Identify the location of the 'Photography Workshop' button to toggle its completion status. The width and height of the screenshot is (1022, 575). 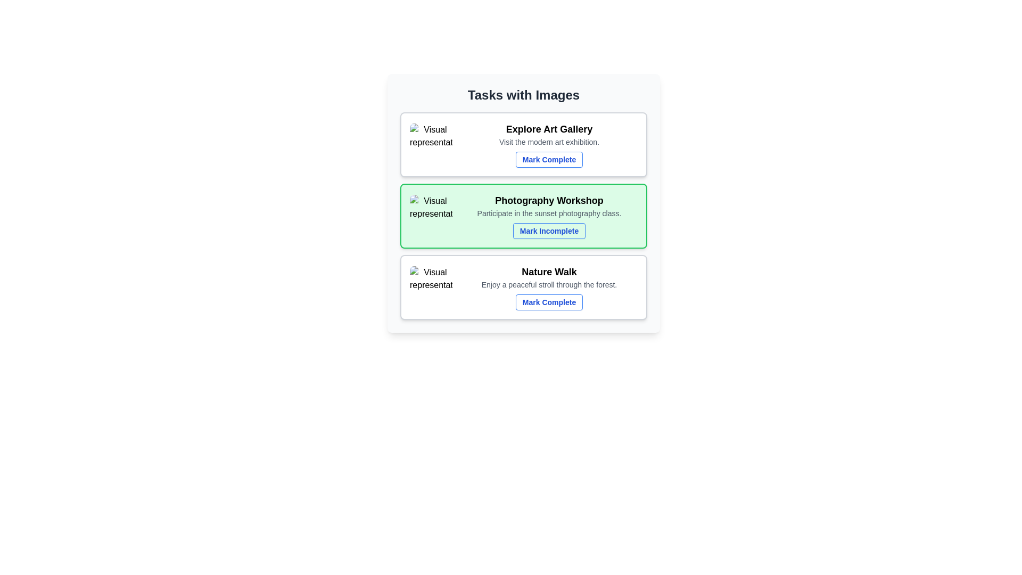
(549, 231).